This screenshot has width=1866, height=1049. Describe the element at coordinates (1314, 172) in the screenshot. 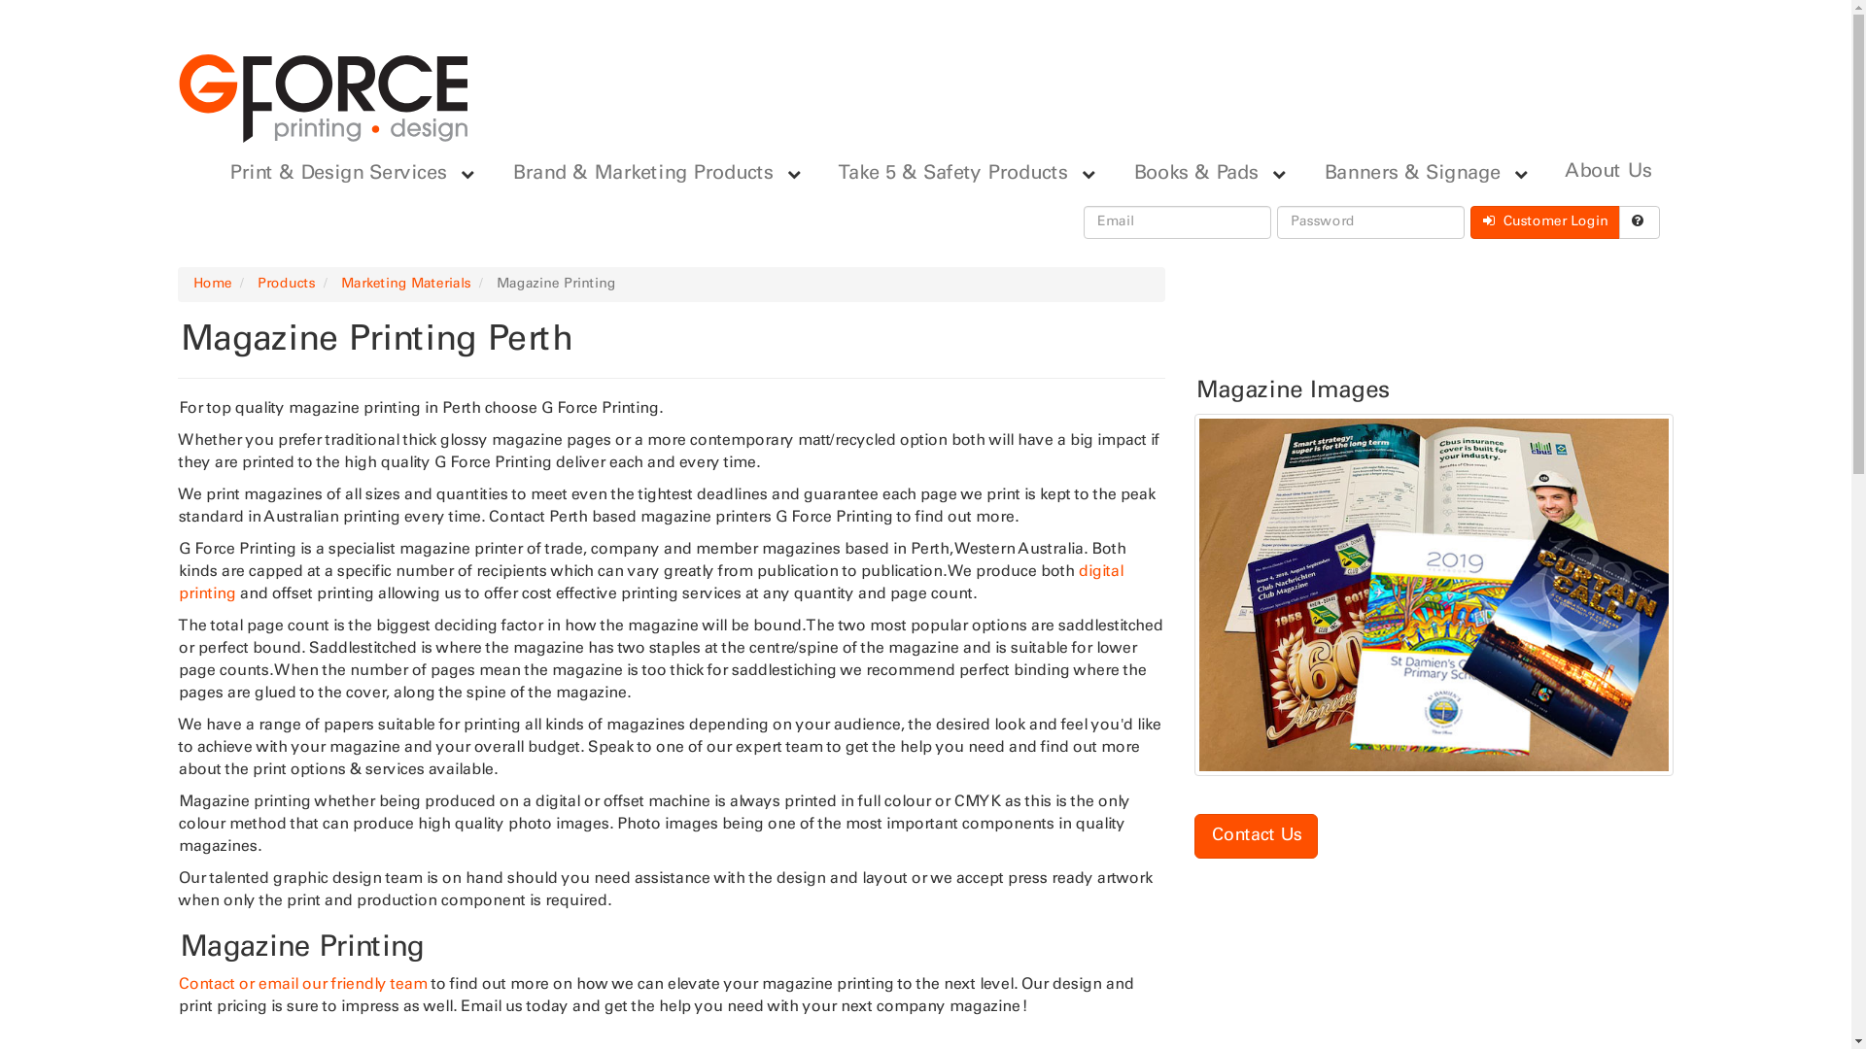

I see `'Banners & Signage'` at that location.